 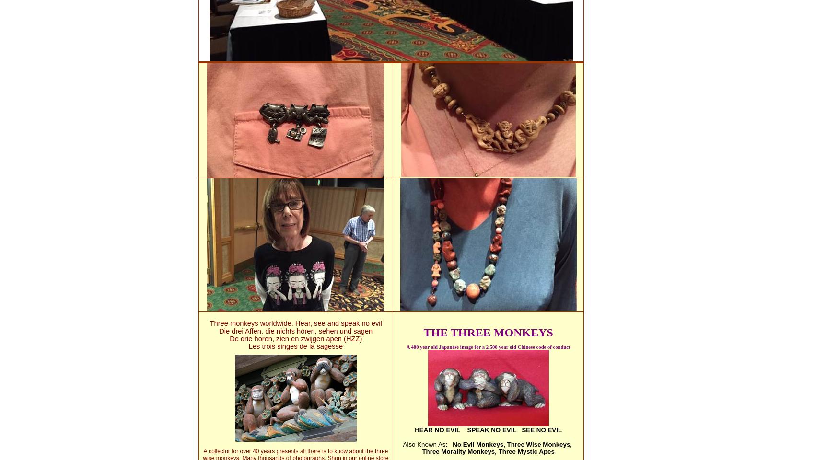 What do you see at coordinates (267, 451) in the screenshot?
I see `'years'` at bounding box center [267, 451].